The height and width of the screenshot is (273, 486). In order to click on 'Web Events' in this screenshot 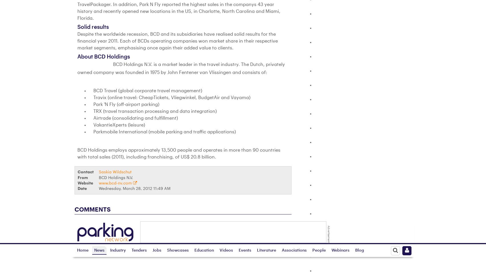, I will do `click(209, 265)`.